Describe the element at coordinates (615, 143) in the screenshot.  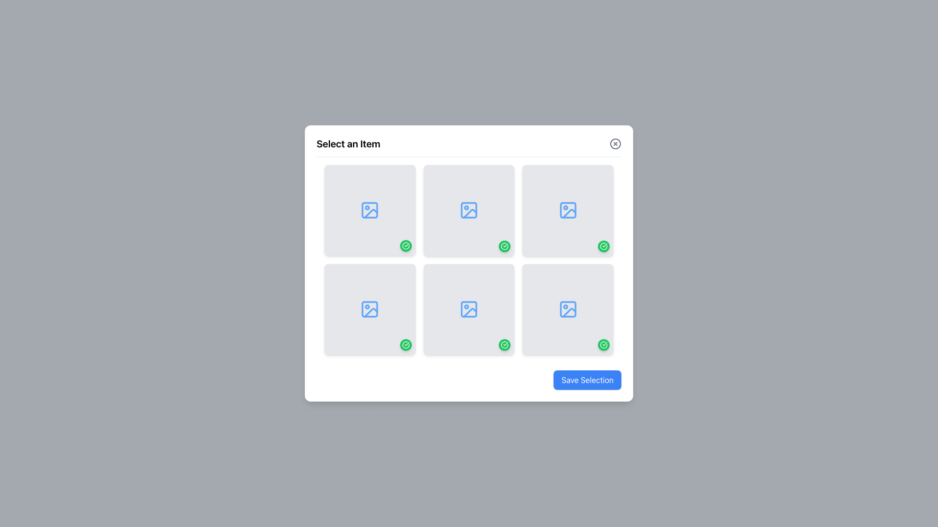
I see `the outlined circle within the SVG graphic located` at that location.